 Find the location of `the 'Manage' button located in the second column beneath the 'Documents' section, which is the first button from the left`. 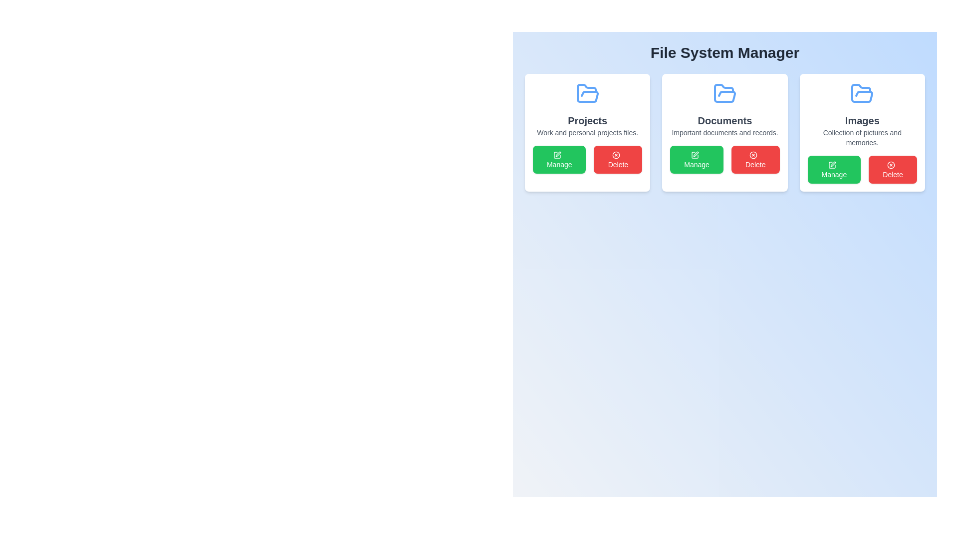

the 'Manage' button located in the second column beneath the 'Documents' section, which is the first button from the left is located at coordinates (696, 159).